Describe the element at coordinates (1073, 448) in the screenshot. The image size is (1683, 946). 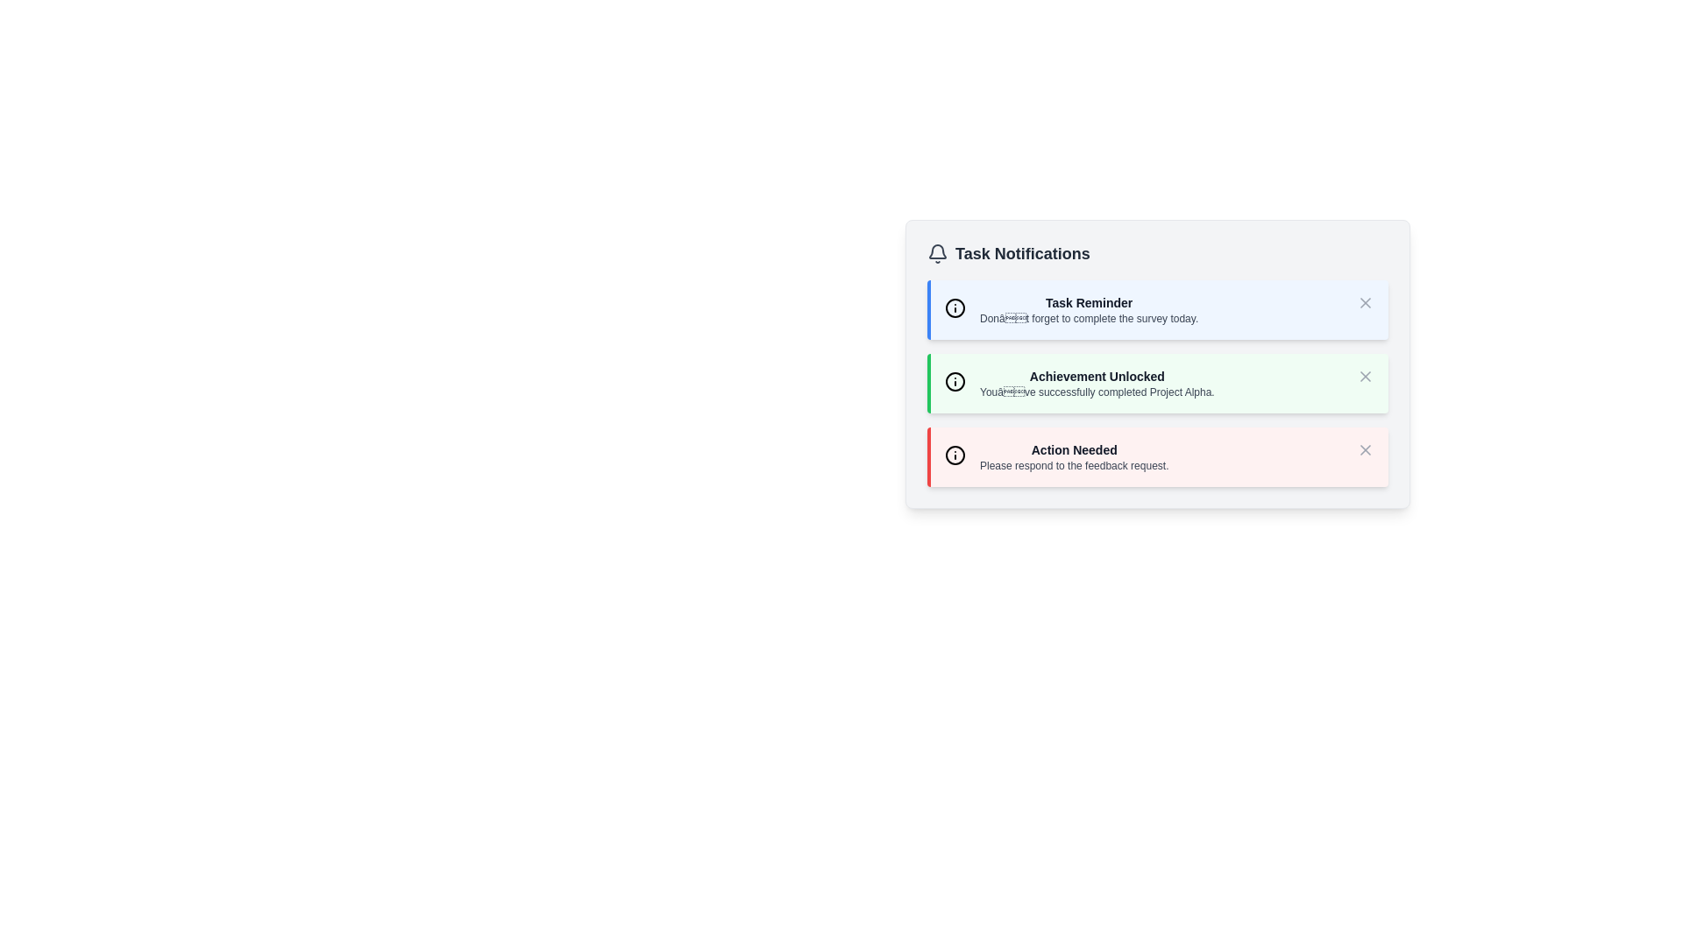
I see `the text label 'Action Needed' which is styled in bold and colored black, located at the top center of the third notification card` at that location.